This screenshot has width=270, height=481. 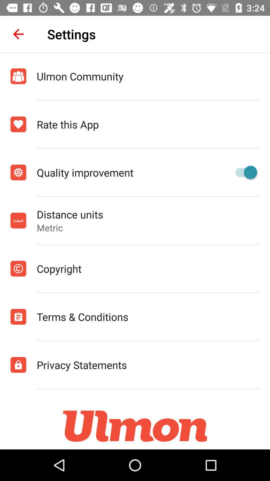 What do you see at coordinates (243, 172) in the screenshot?
I see `quality improvement option` at bounding box center [243, 172].